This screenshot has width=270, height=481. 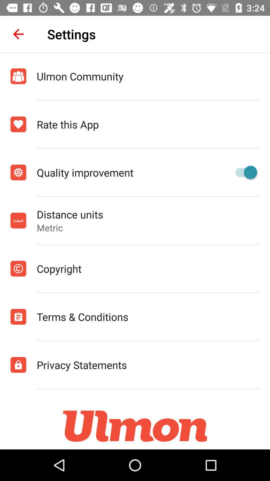 What do you see at coordinates (243, 172) in the screenshot?
I see `quality improvement option` at bounding box center [243, 172].